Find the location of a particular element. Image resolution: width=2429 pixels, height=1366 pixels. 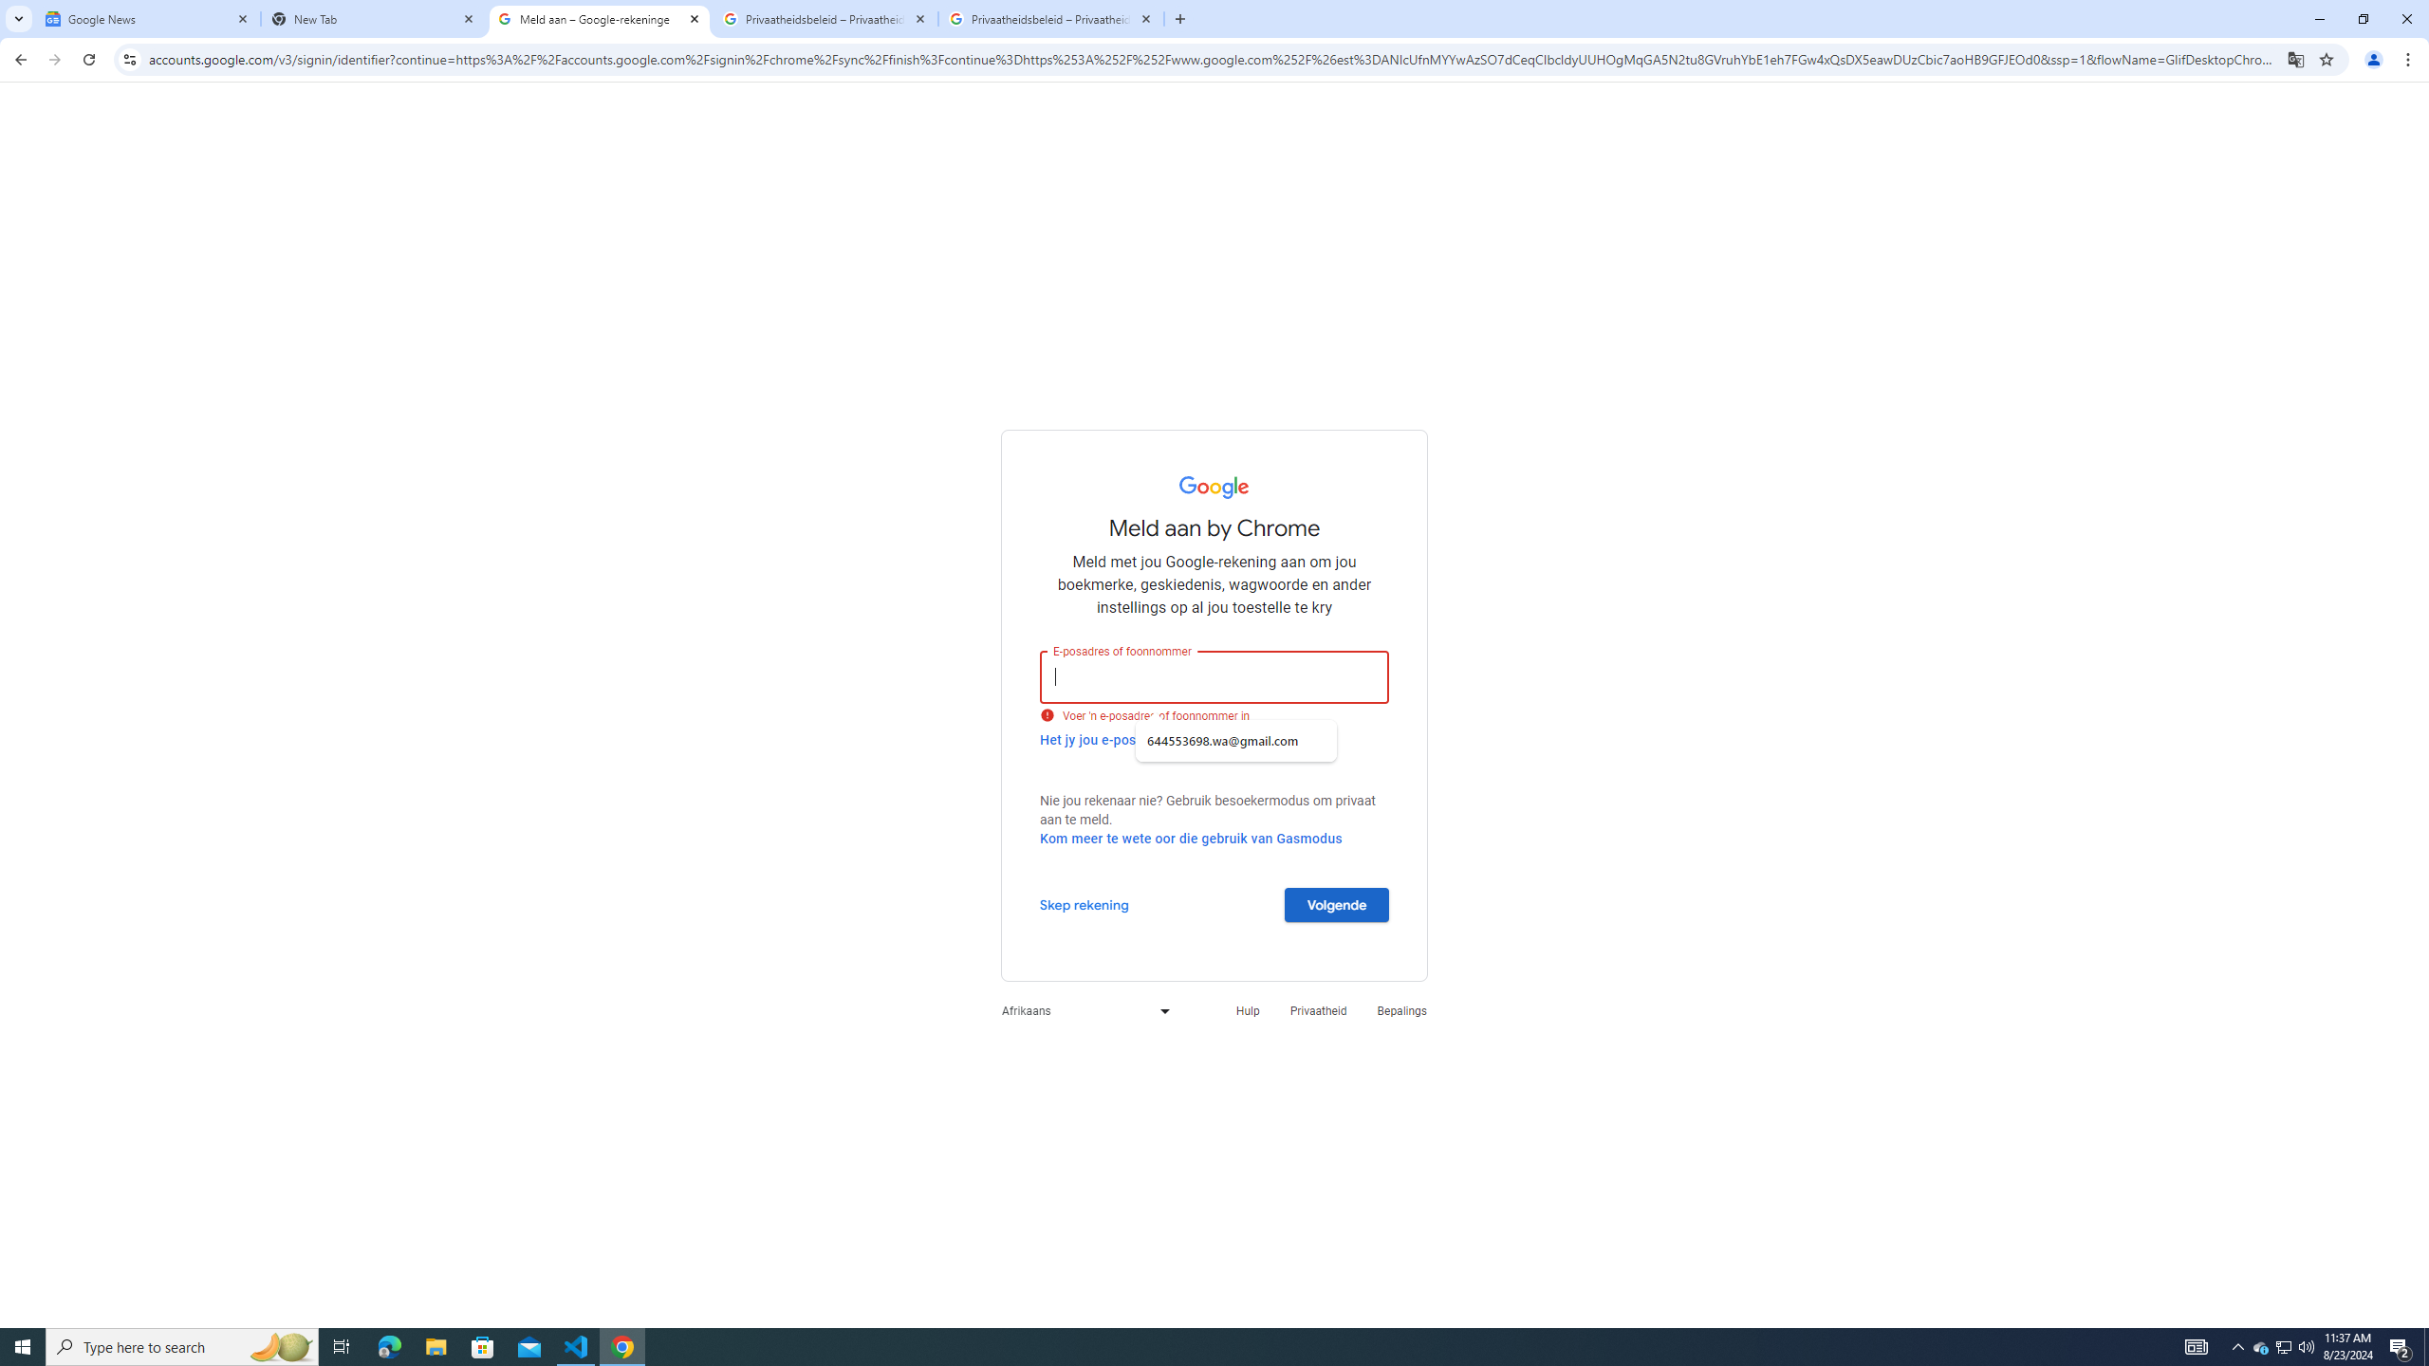

'Bepalings' is located at coordinates (1401, 1009).